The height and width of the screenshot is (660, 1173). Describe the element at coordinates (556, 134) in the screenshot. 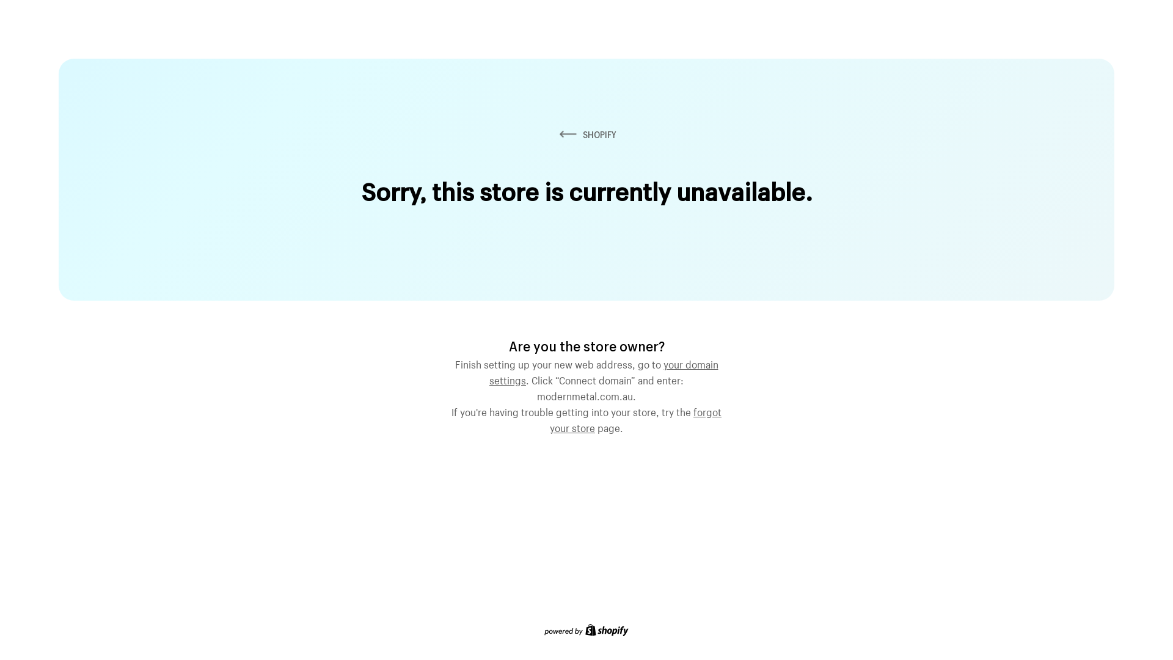

I see `'SHOPIFY'` at that location.